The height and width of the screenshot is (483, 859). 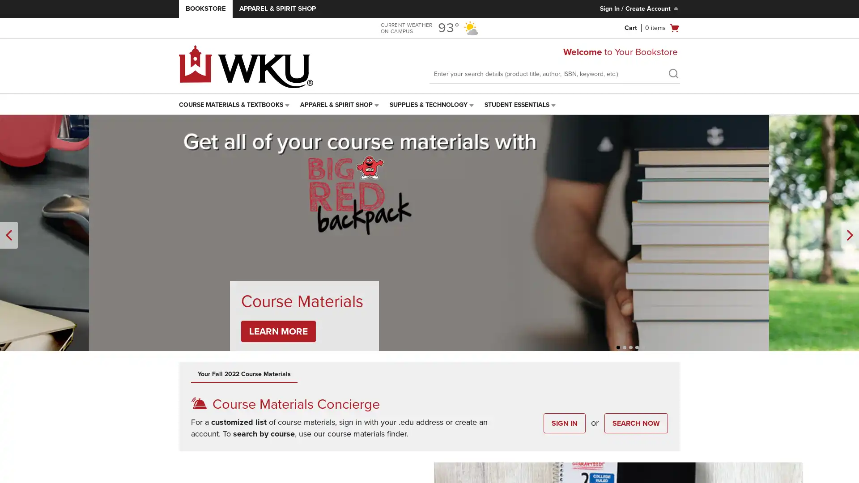 I want to click on search, so click(x=673, y=73).